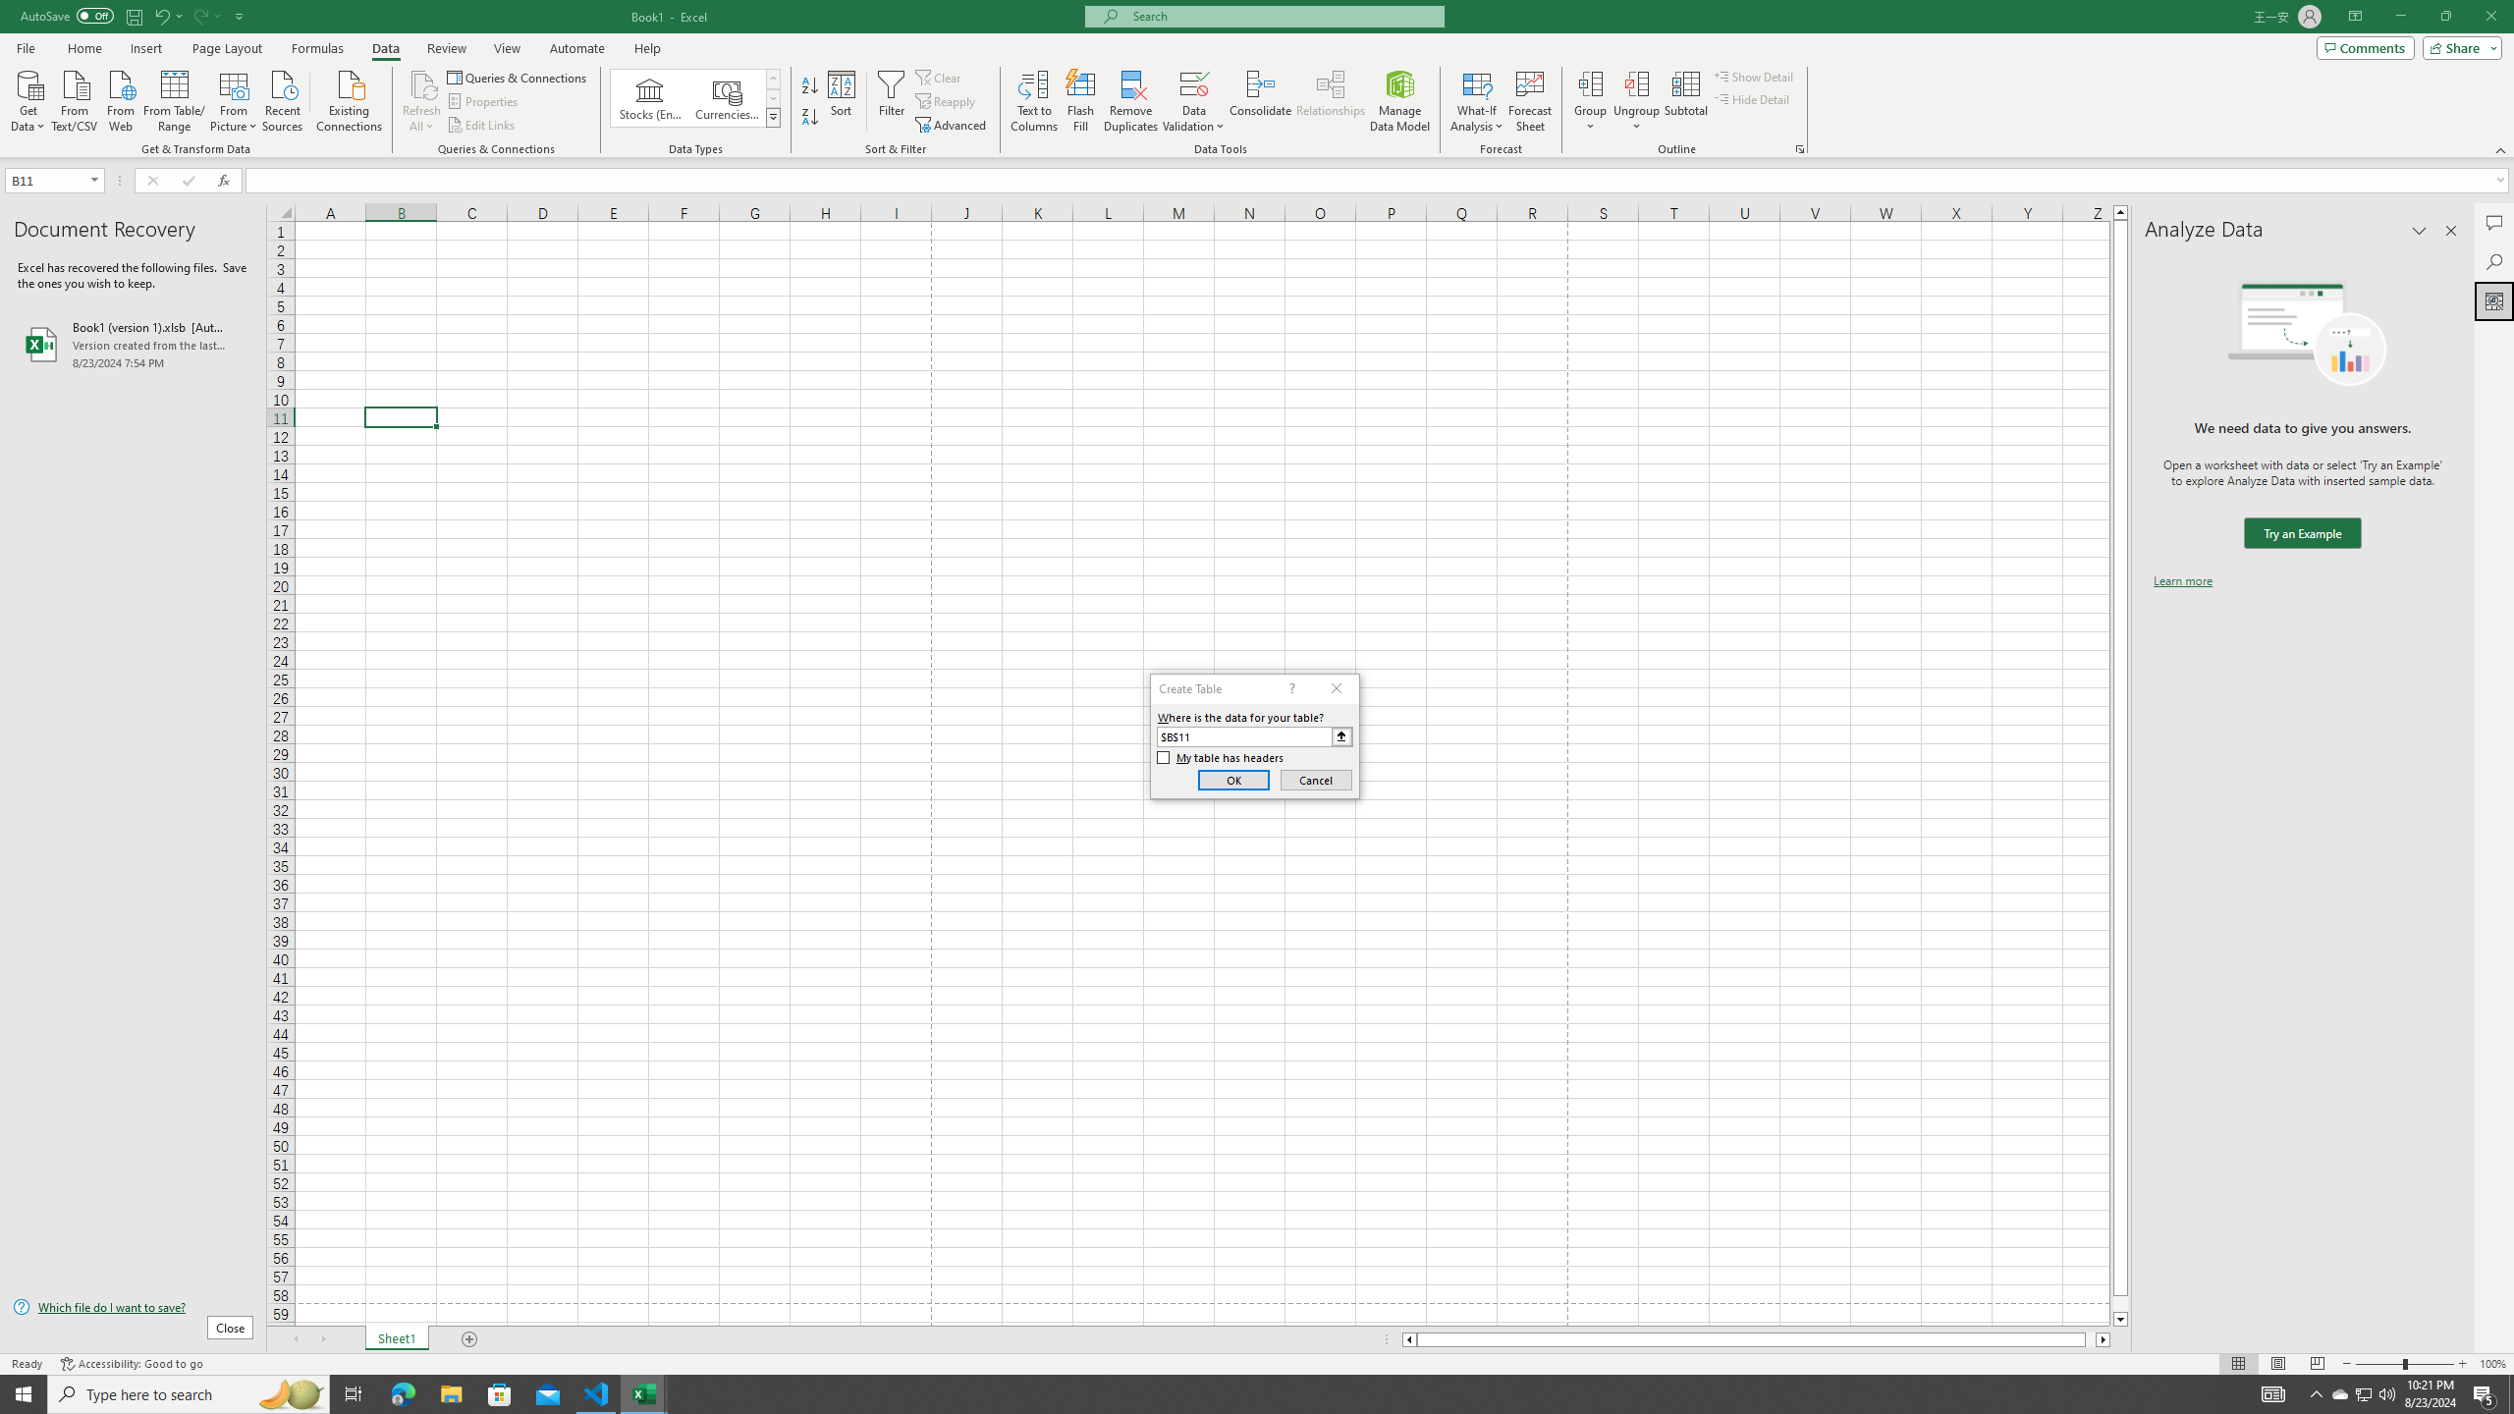  I want to click on 'Consolidate...', so click(1260, 101).